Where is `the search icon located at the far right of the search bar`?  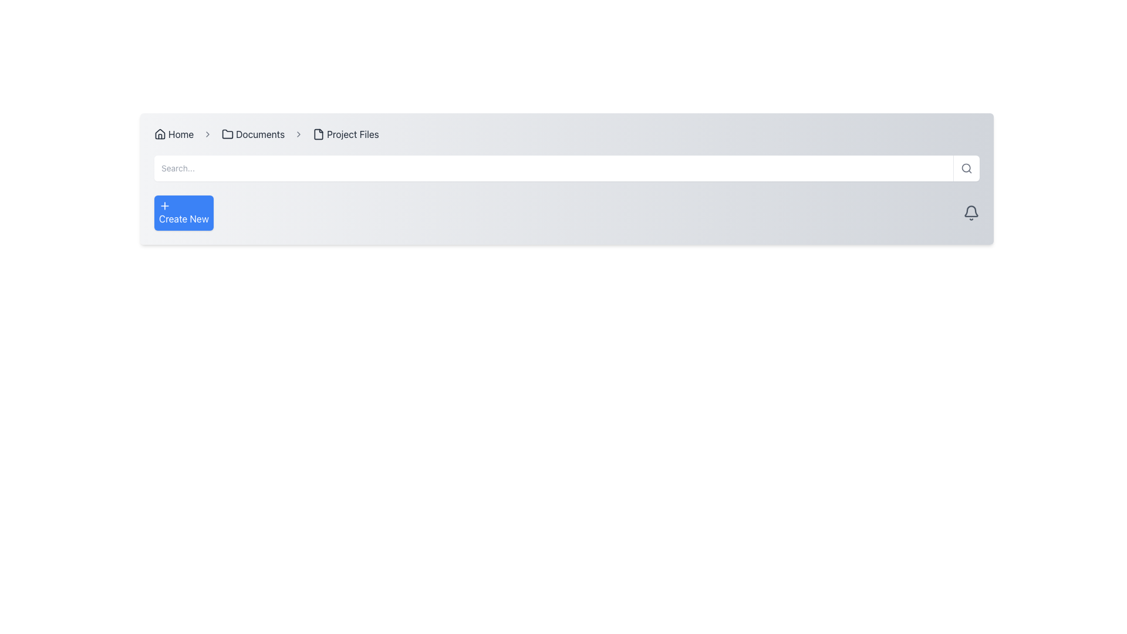 the search icon located at the far right of the search bar is located at coordinates (966, 168).